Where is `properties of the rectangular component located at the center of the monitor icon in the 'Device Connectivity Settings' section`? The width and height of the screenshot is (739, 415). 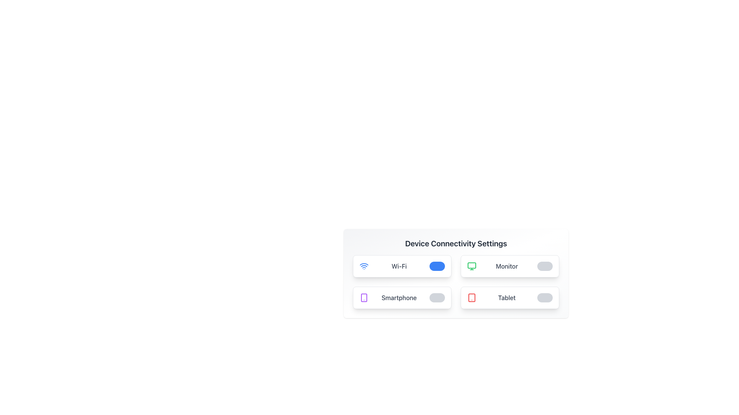
properties of the rectangular component located at the center of the monitor icon in the 'Device Connectivity Settings' section is located at coordinates (471, 265).